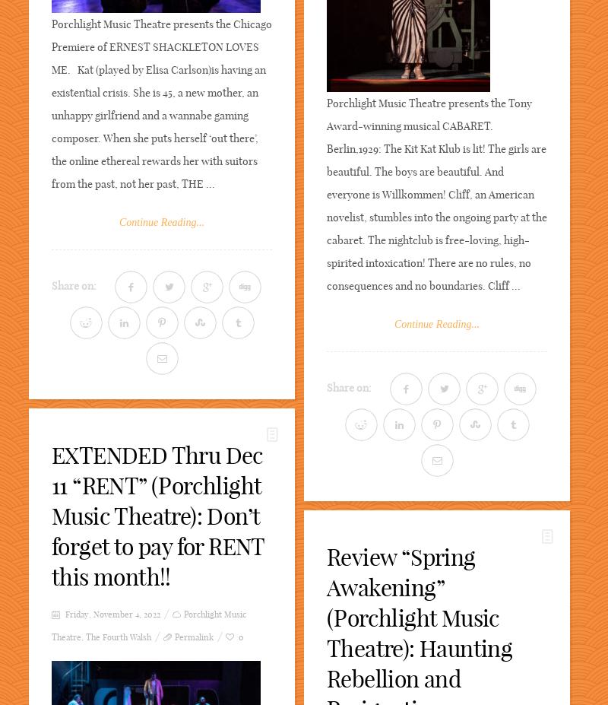 The height and width of the screenshot is (705, 608). What do you see at coordinates (240, 637) in the screenshot?
I see `'0'` at bounding box center [240, 637].